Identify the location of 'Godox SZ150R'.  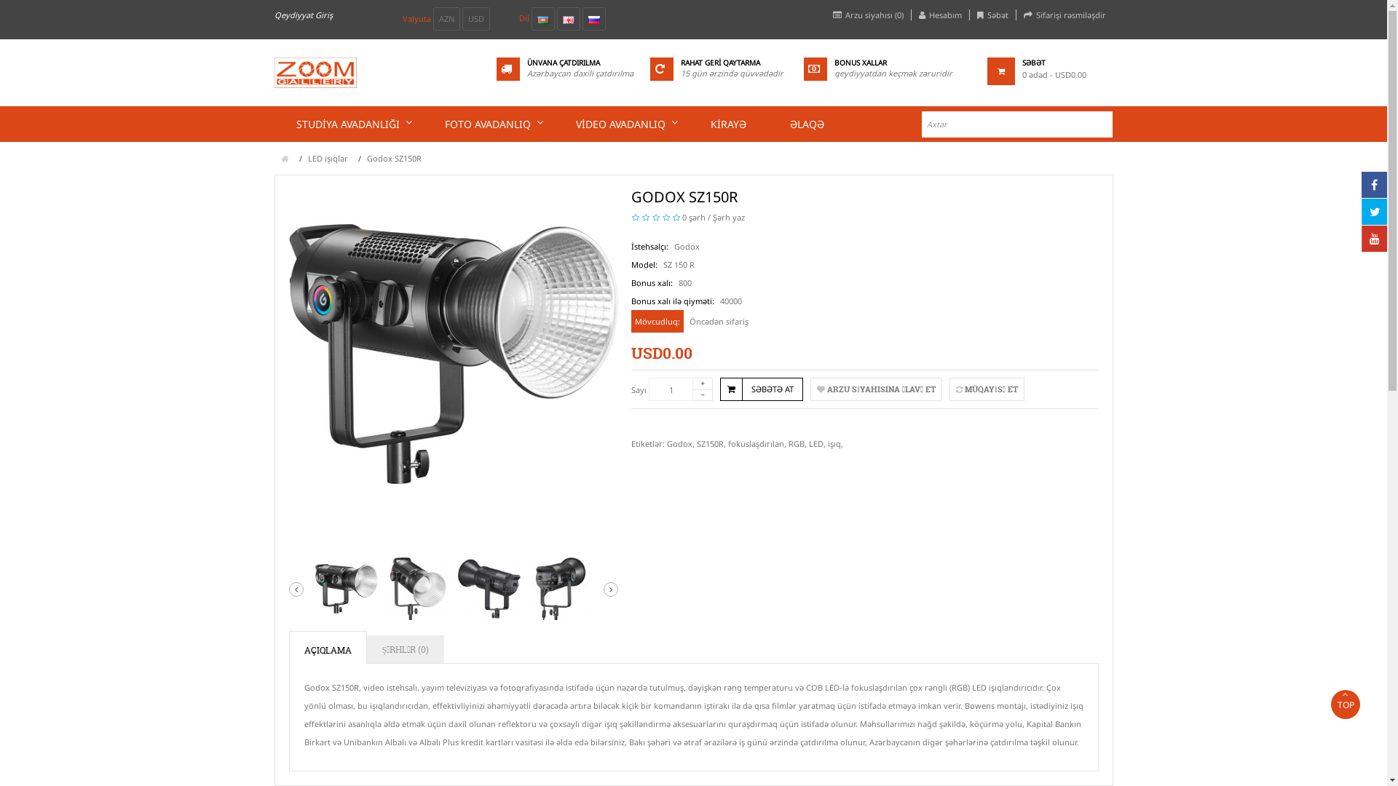
(288, 354).